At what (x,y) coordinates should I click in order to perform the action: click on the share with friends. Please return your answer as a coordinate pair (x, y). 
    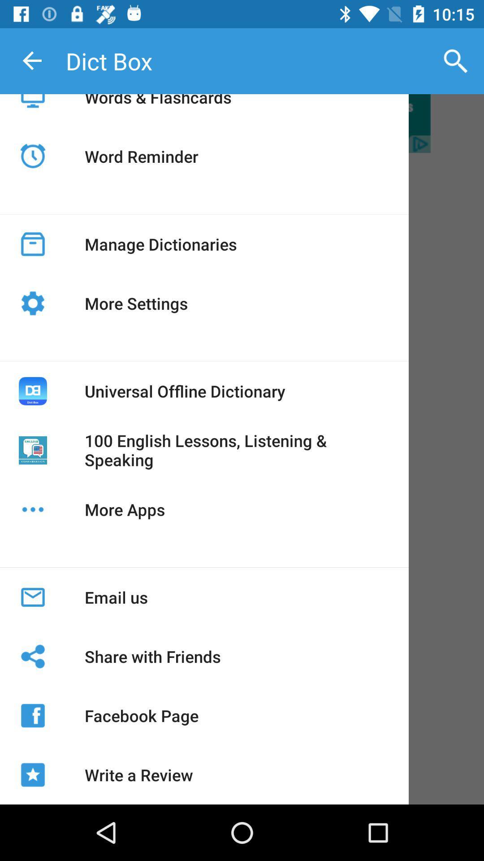
    Looking at the image, I should click on (152, 657).